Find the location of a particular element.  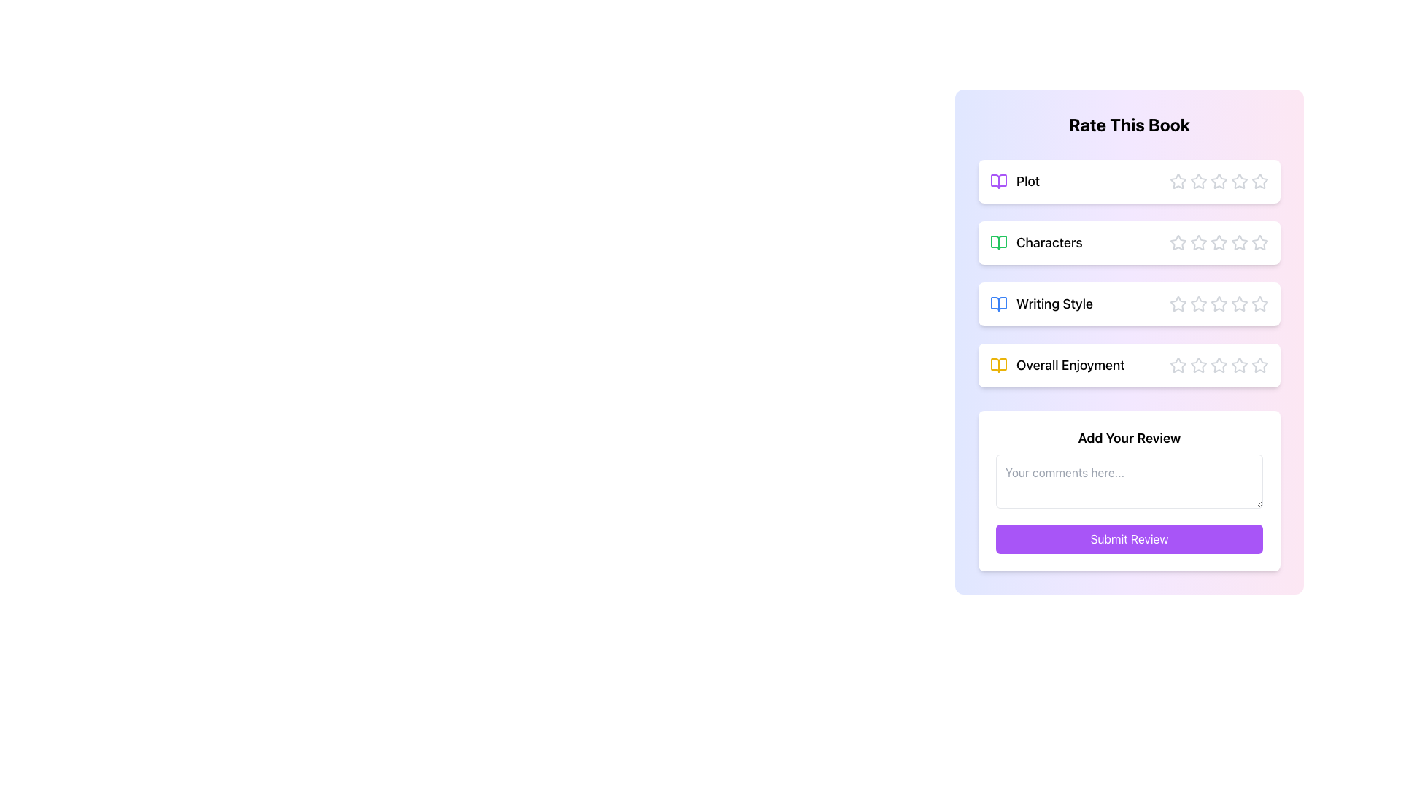

the first star of the rating element labeled 'Plot' to assign a rating is located at coordinates (1129, 181).